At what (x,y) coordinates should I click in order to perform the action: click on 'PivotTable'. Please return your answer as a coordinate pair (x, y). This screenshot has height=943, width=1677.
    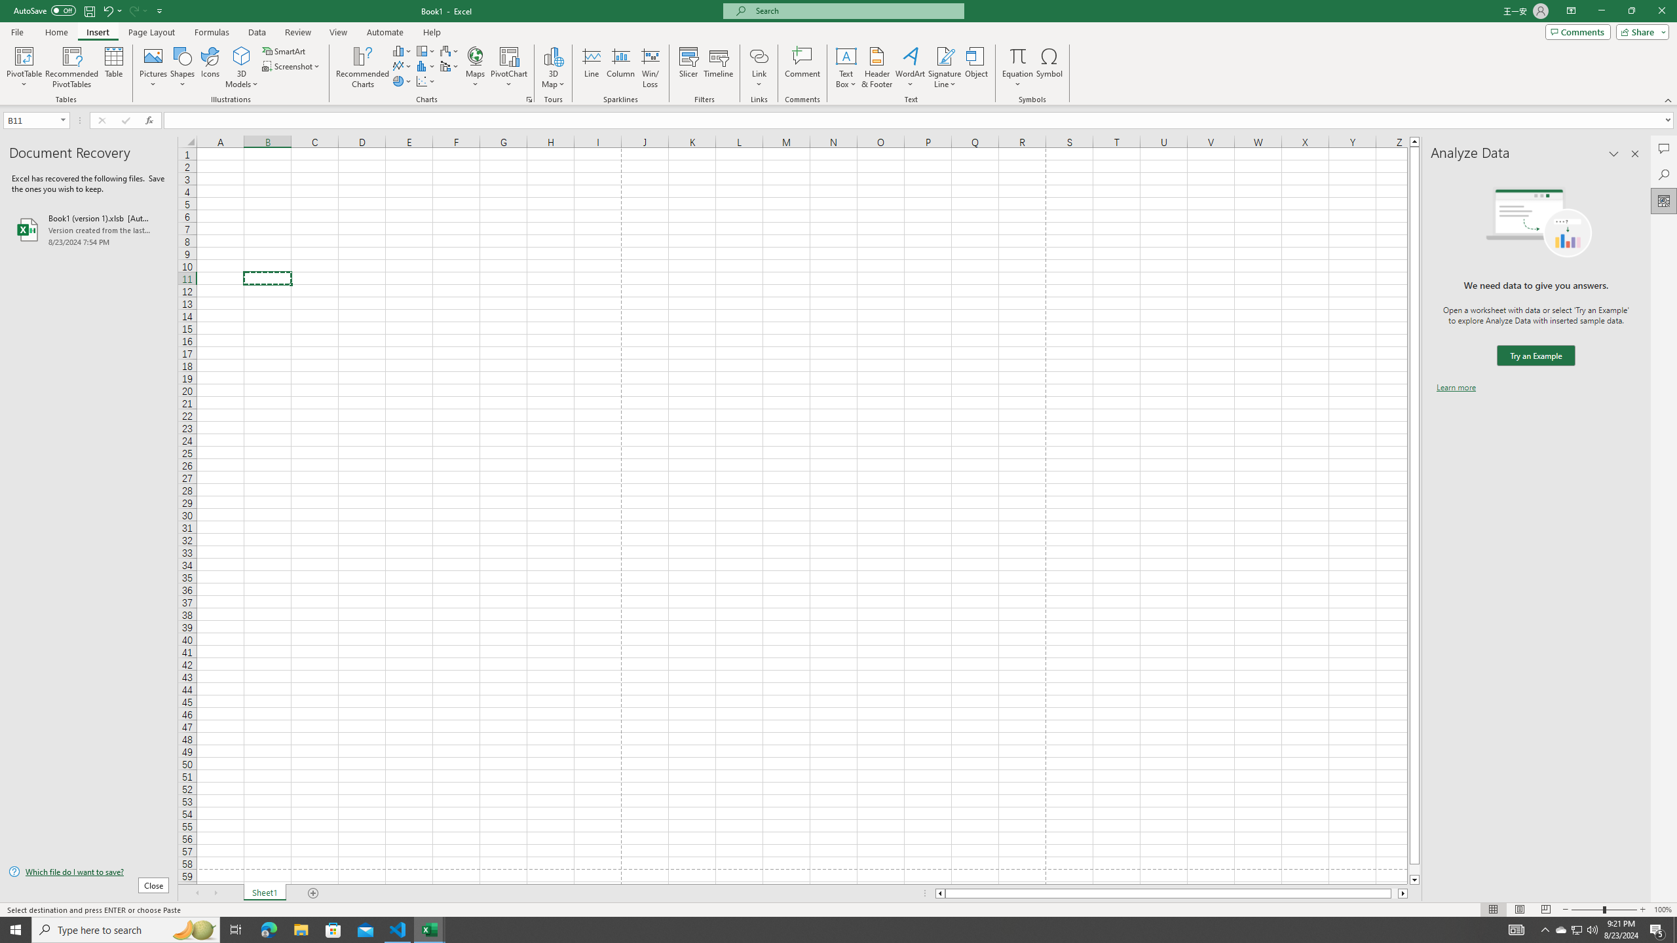
    Looking at the image, I should click on (24, 67).